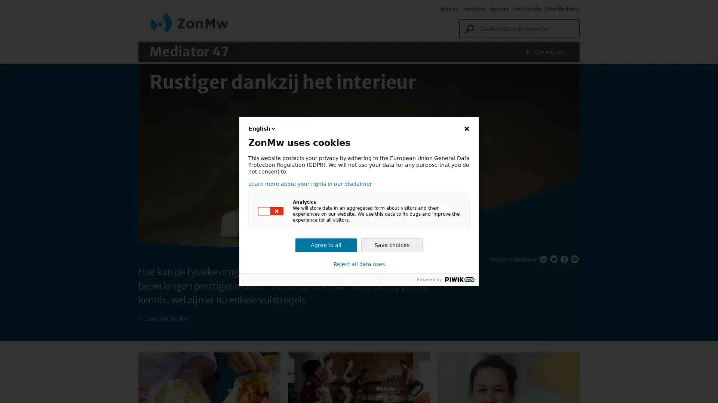 The width and height of the screenshot is (718, 403). What do you see at coordinates (391, 245) in the screenshot?
I see `Save choices` at bounding box center [391, 245].